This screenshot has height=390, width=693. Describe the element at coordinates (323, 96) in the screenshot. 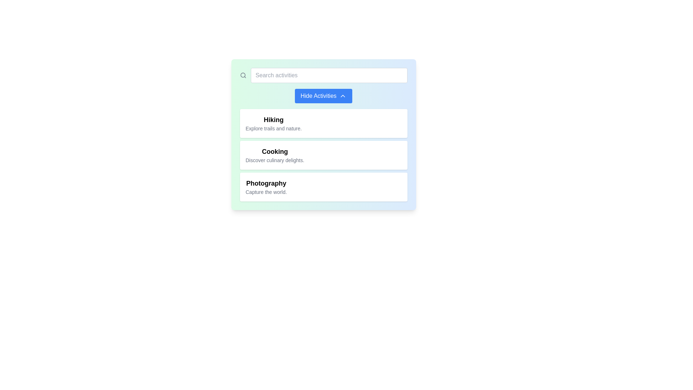

I see `the second button located below the search bar, which toggles the visibility of the activities 'Hiking,' 'Cooking,' and 'Photography.'` at that location.